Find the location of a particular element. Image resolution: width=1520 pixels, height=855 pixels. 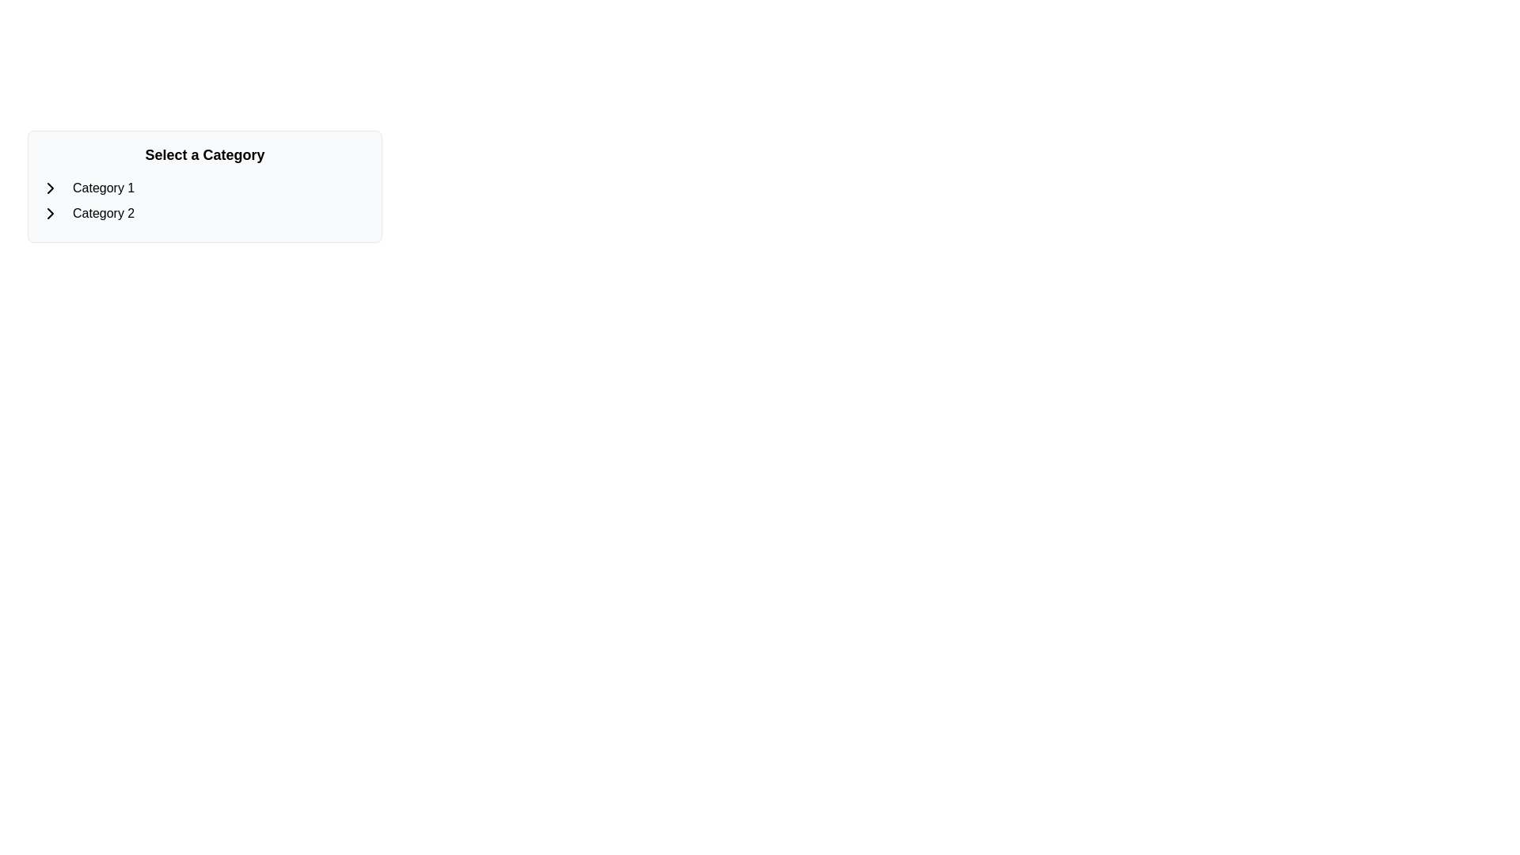

the expandable/collapsible icon located to the left of the text 'Category 2' to interact with its associated category is located at coordinates (50, 214).